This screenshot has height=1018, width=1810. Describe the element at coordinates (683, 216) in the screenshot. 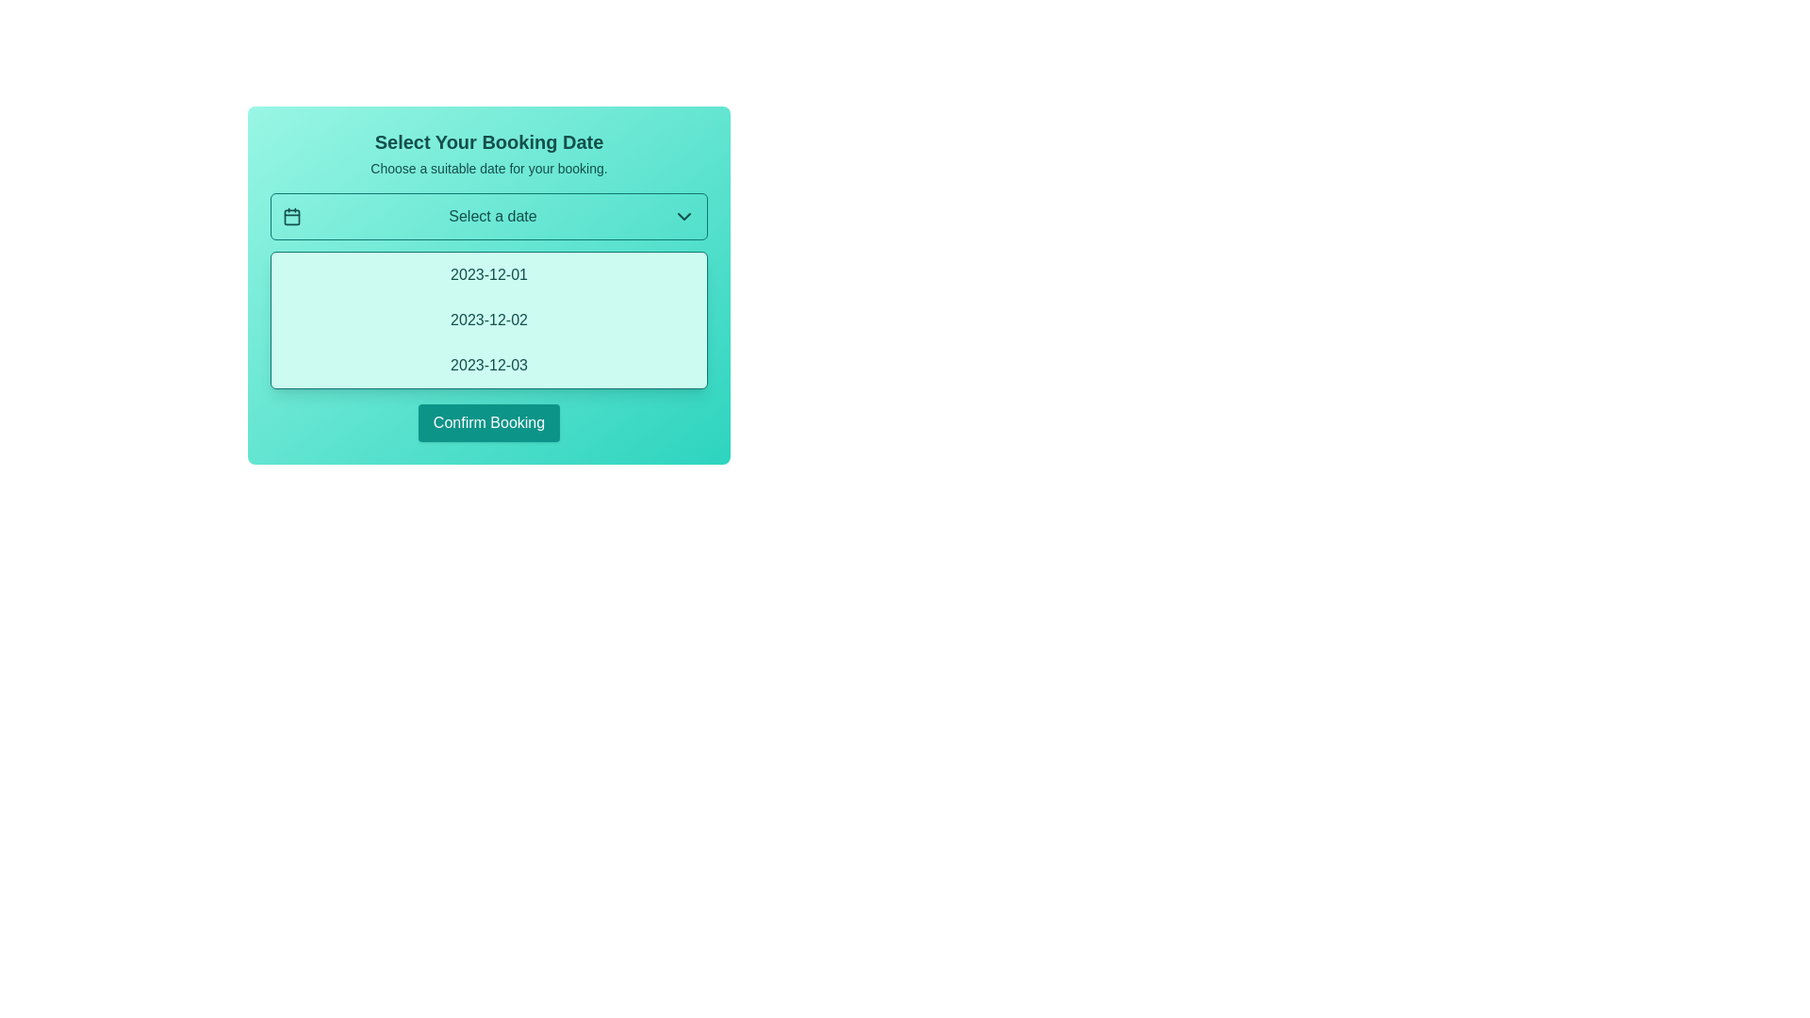

I see `the teal downward-facing chevron icon located on the right side of the date selection dropdown` at that location.